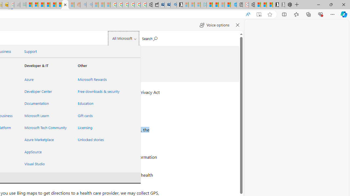 The width and height of the screenshot is (350, 196). I want to click on 'Microsoft account | Privacy - Sleeping', so click(197, 5).